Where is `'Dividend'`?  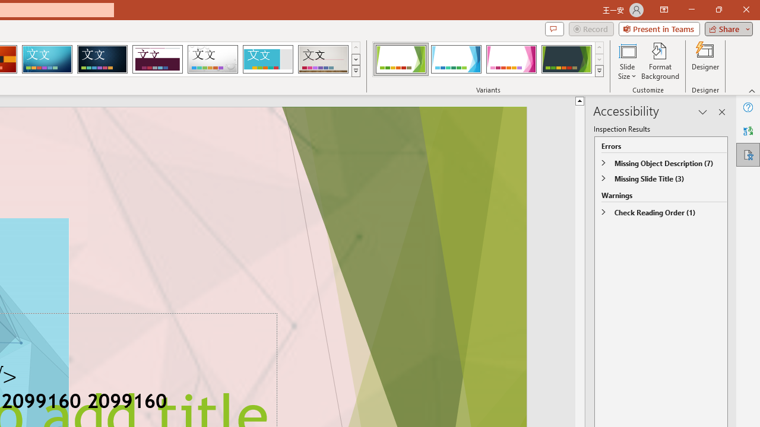 'Dividend' is located at coordinates (157, 59).